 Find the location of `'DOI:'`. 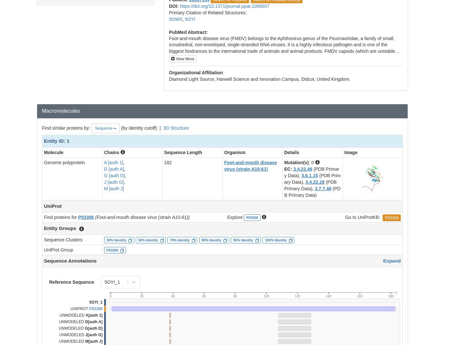

'DOI:' is located at coordinates (174, 6).